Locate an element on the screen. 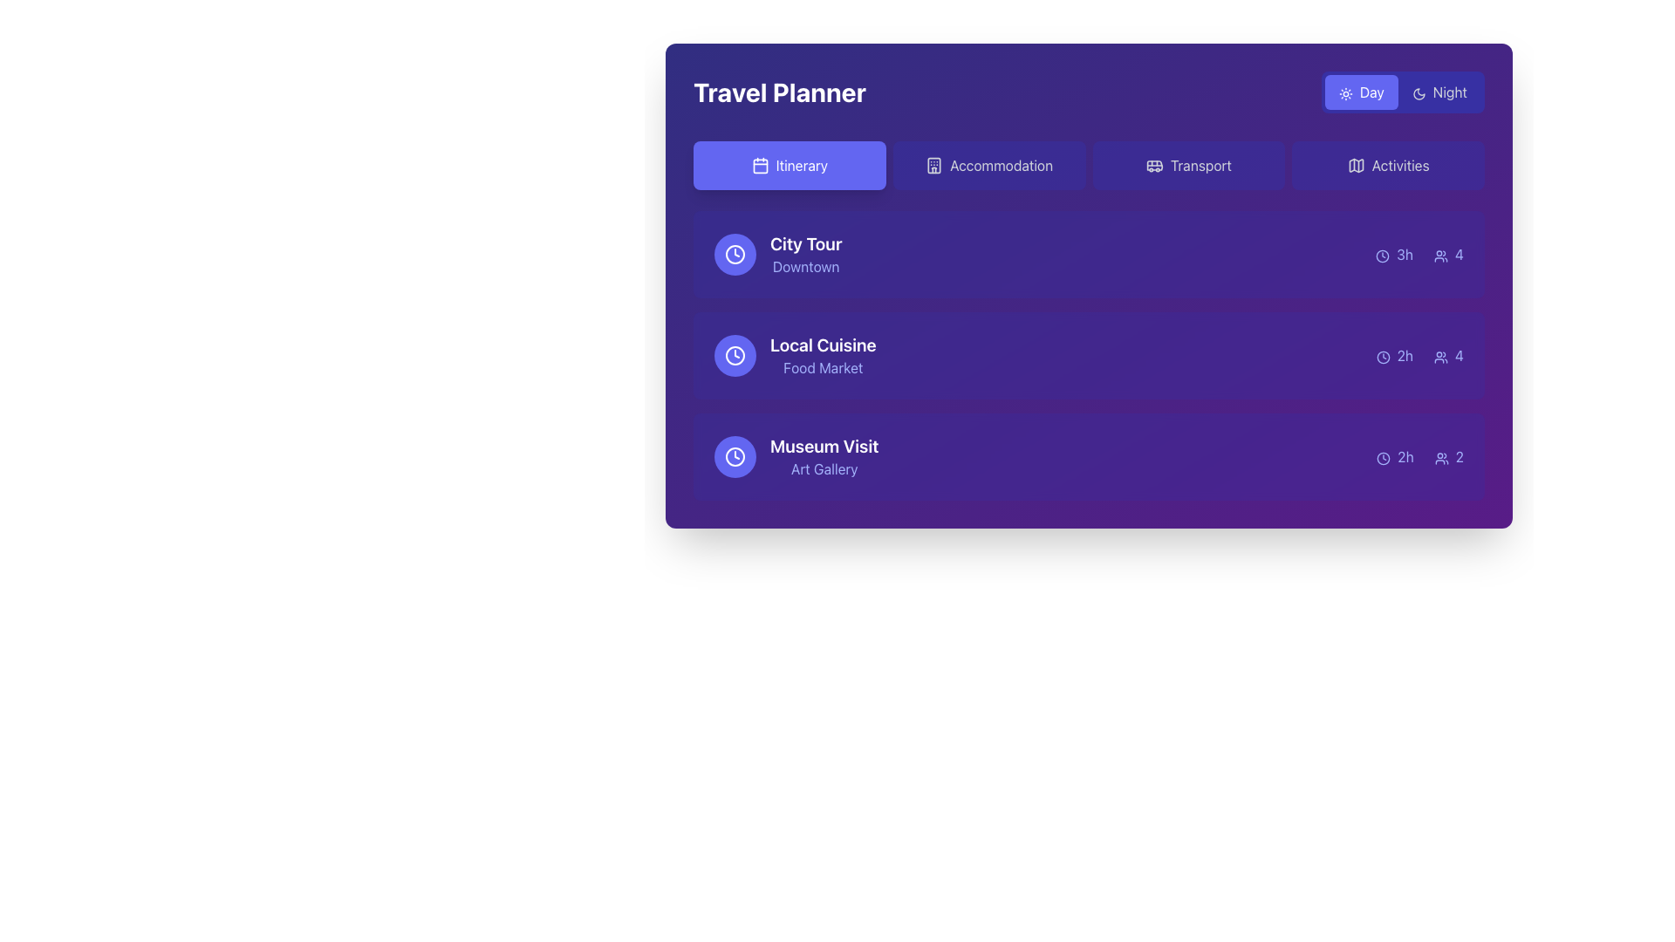  the bottom section of the bus icon on the 'Transport' button, which indicates options related to transportation is located at coordinates (1154, 165).